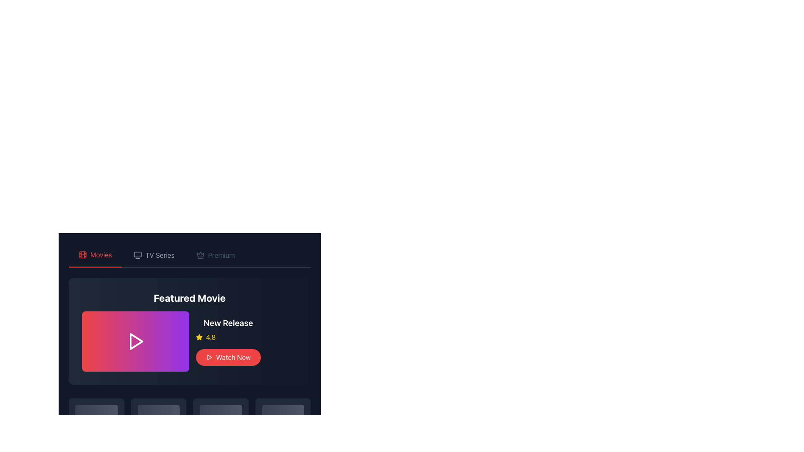 This screenshot has height=452, width=804. Describe the element at coordinates (160, 254) in the screenshot. I see `the 'TV Series' text label which is the second item in the navigation list, positioned between 'Movies' and 'Premium'` at that location.